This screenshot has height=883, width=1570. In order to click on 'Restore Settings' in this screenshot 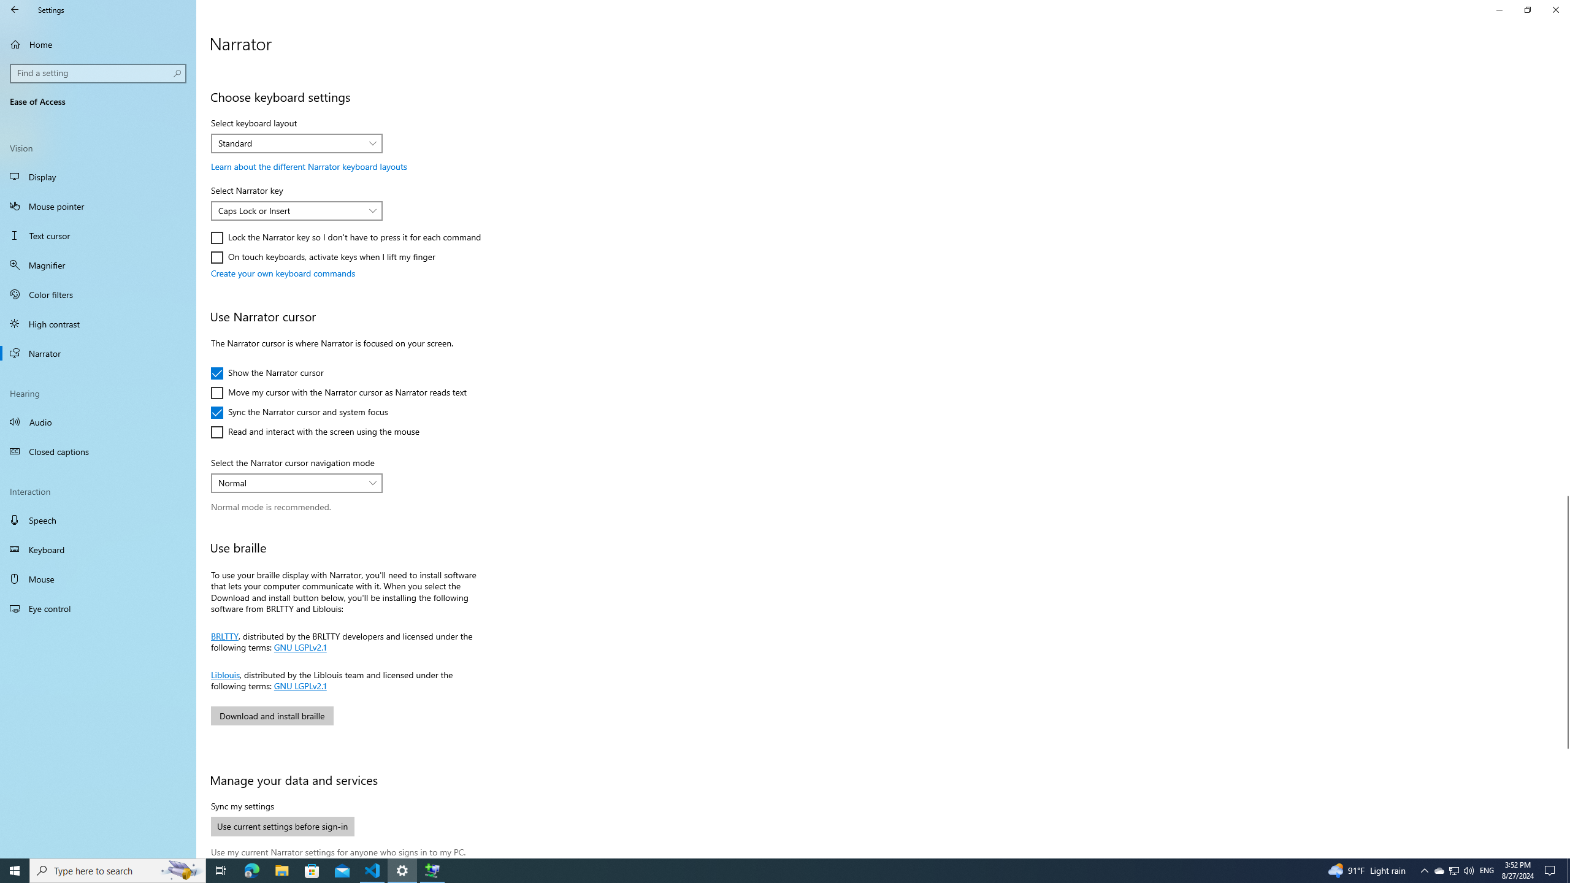, I will do `click(1527, 9)`.